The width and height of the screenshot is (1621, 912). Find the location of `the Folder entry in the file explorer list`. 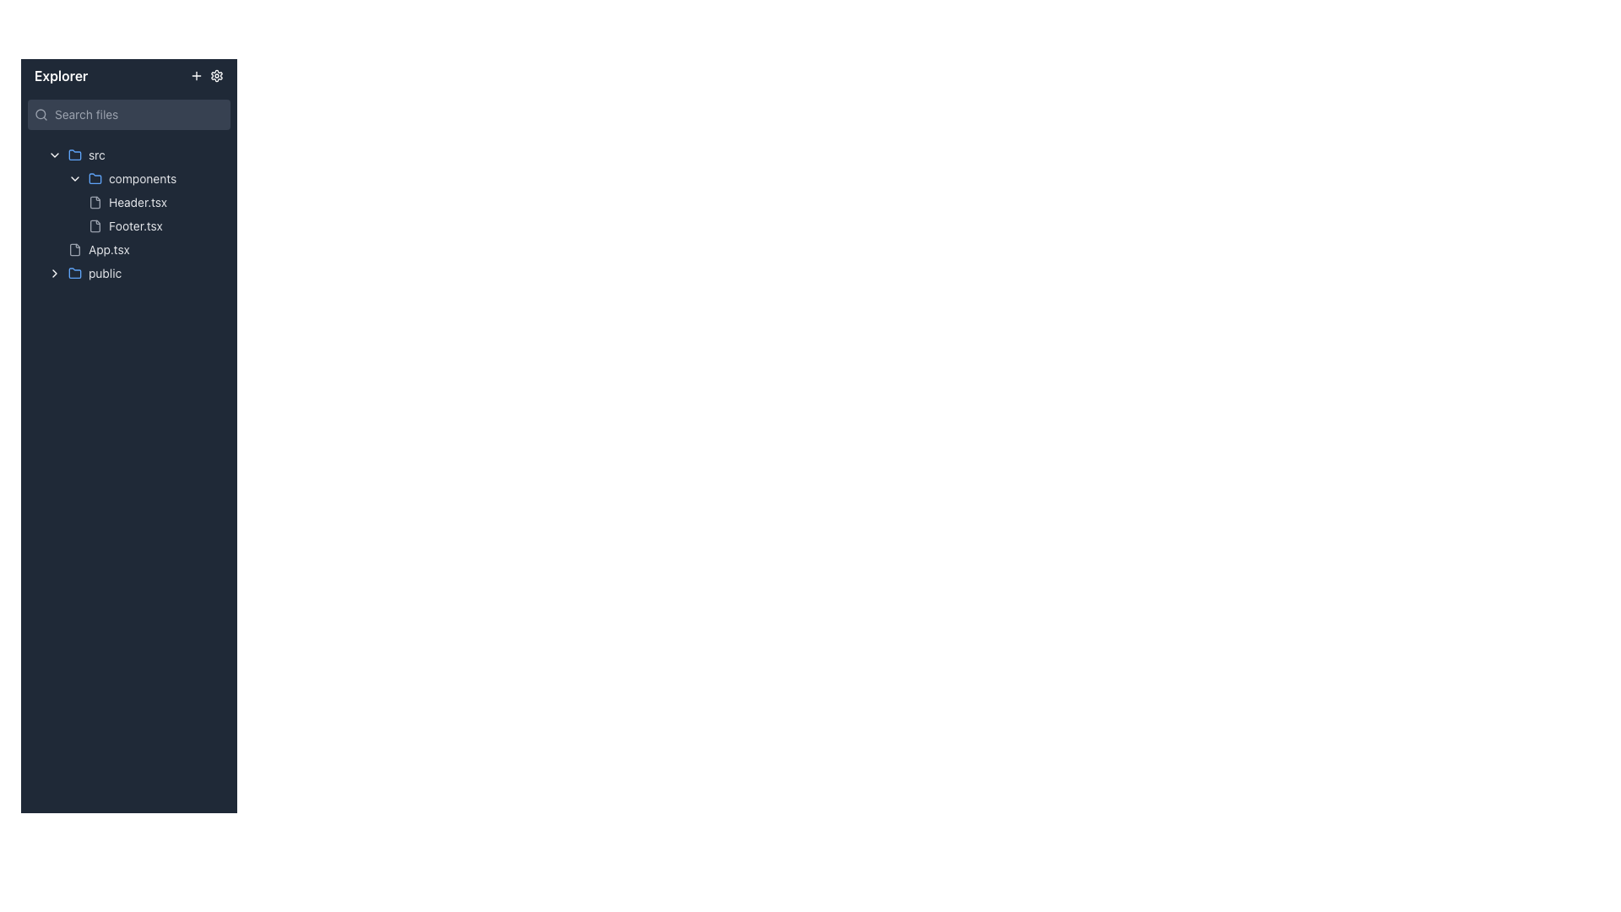

the Folder entry in the file explorer list is located at coordinates (136, 273).